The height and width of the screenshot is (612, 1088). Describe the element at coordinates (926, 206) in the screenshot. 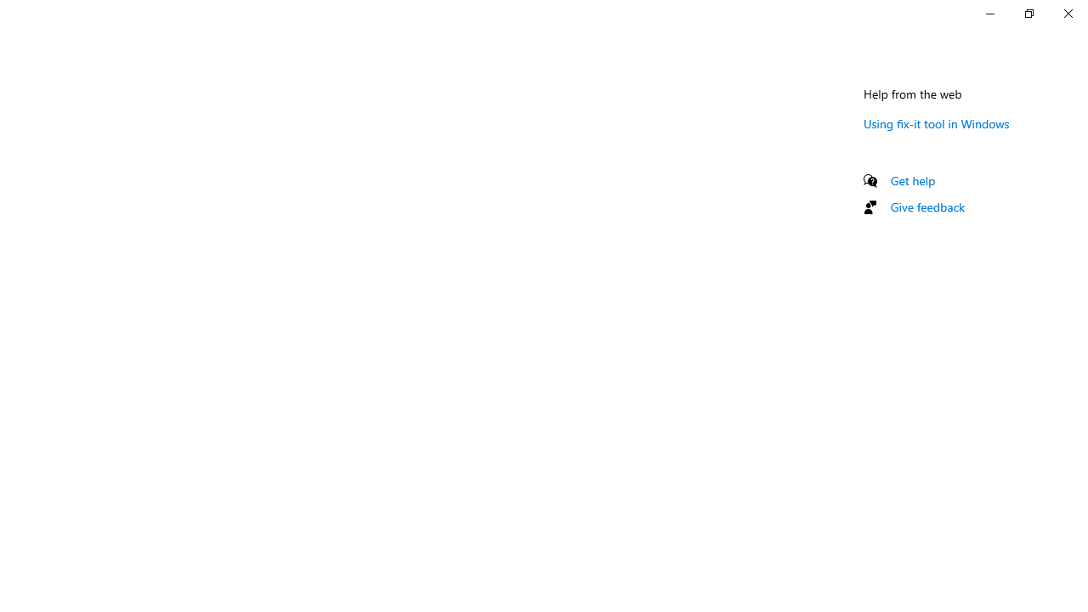

I see `'Give feedback'` at that location.